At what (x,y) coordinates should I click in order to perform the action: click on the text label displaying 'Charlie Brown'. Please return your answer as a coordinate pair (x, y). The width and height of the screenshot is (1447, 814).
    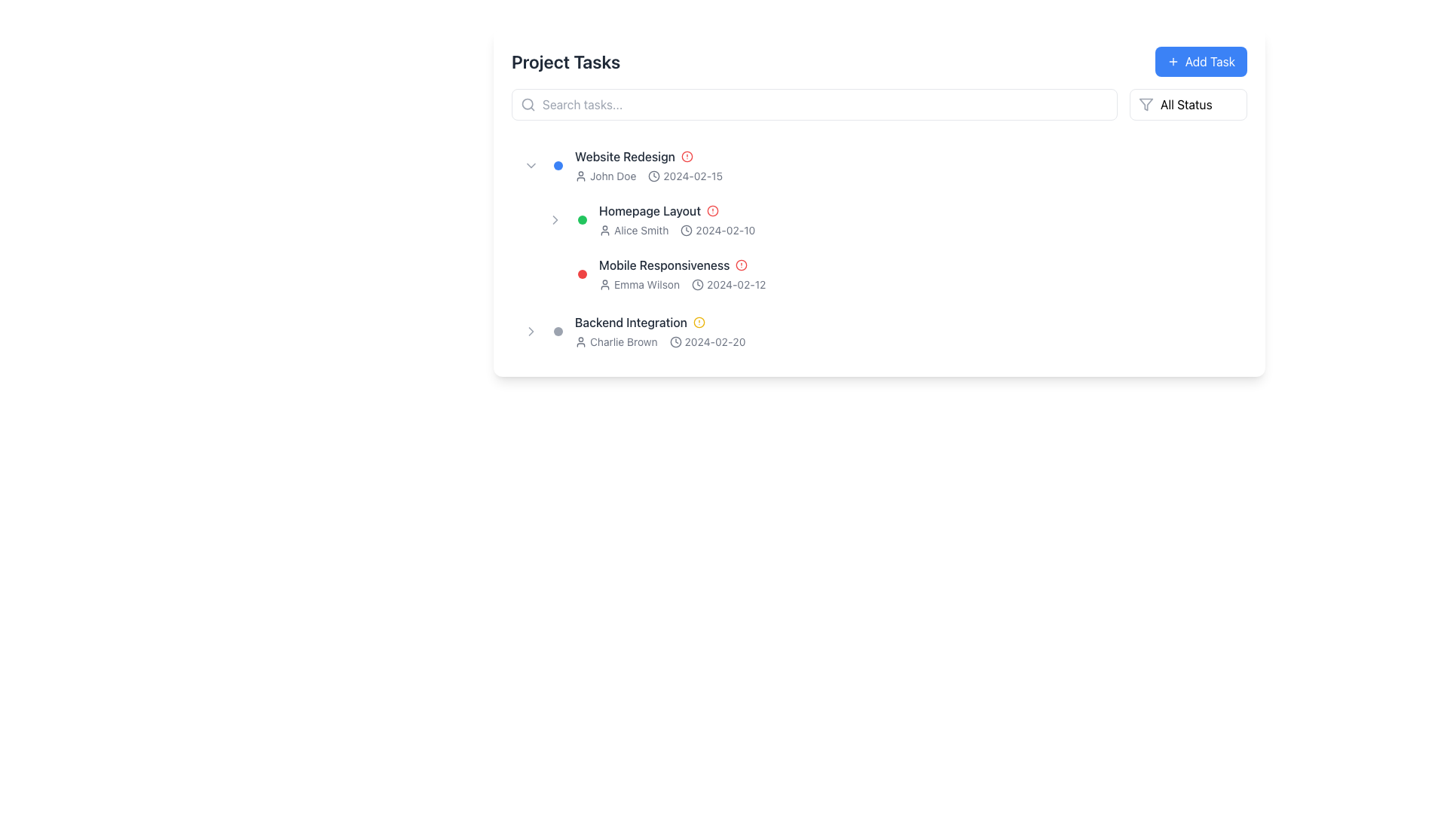
    Looking at the image, I should click on (623, 342).